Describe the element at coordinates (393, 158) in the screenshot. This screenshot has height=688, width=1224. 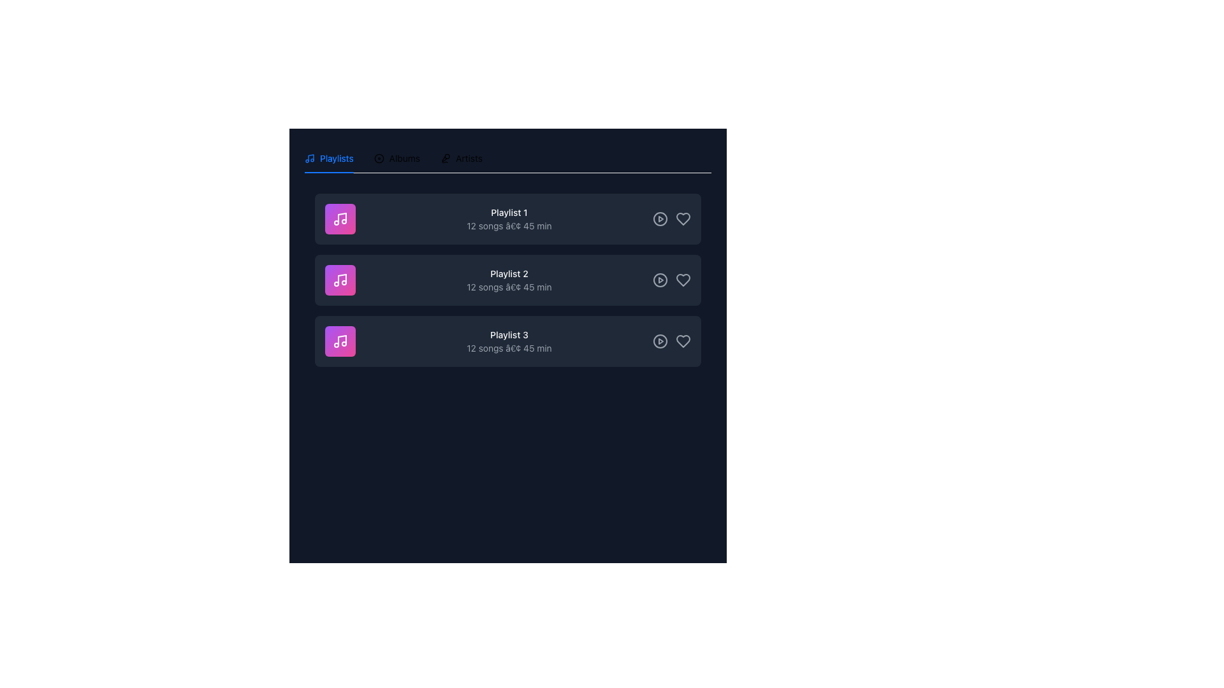
I see `the Tabs Navigation Bar` at that location.